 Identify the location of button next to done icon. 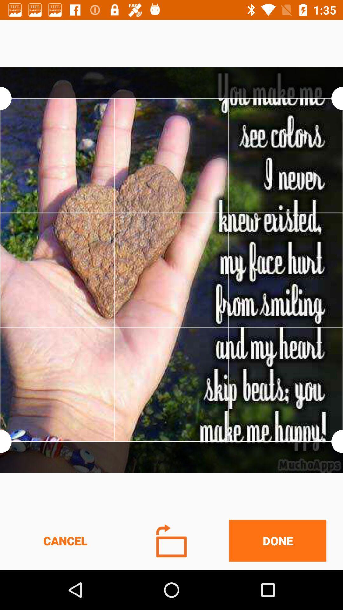
(171, 540).